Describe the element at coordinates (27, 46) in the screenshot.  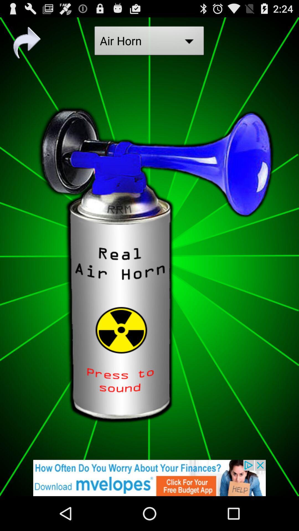
I see `the redo icon` at that location.